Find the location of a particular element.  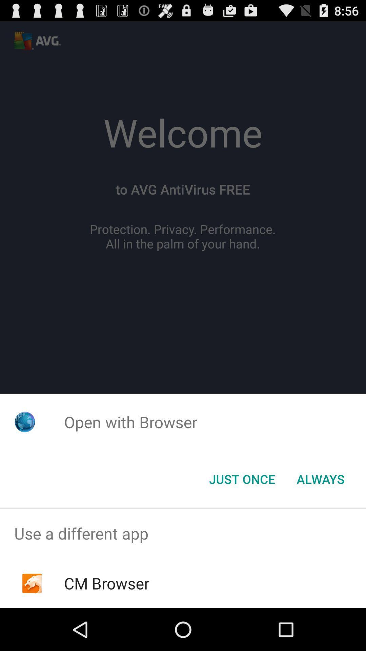

the always is located at coordinates (320, 478).